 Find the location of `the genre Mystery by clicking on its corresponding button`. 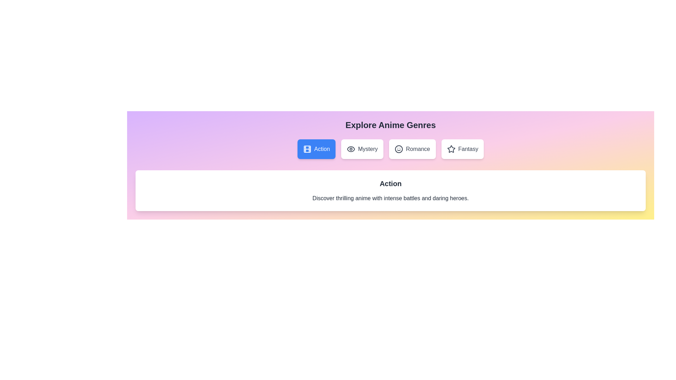

the genre Mystery by clicking on its corresponding button is located at coordinates (362, 149).